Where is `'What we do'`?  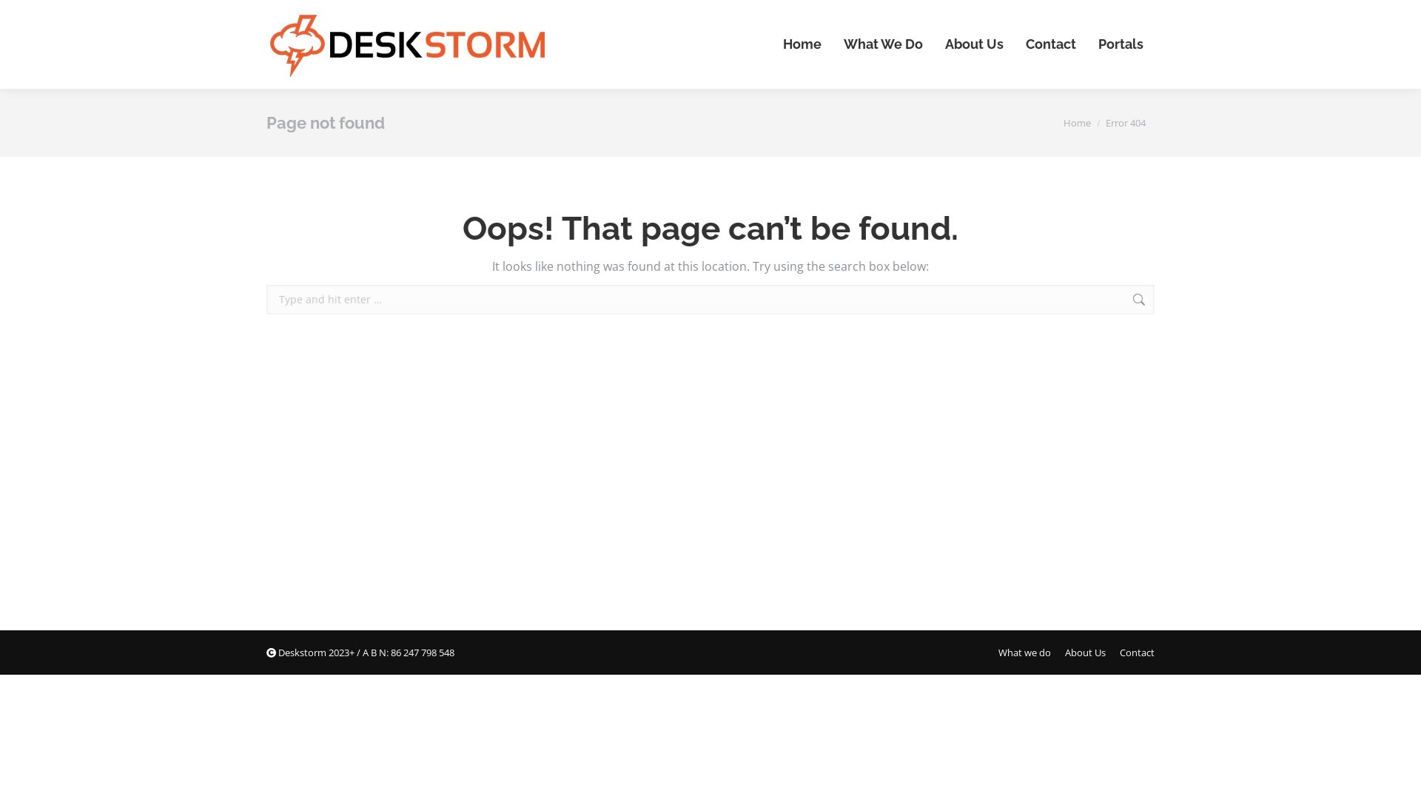 'What we do' is located at coordinates (998, 651).